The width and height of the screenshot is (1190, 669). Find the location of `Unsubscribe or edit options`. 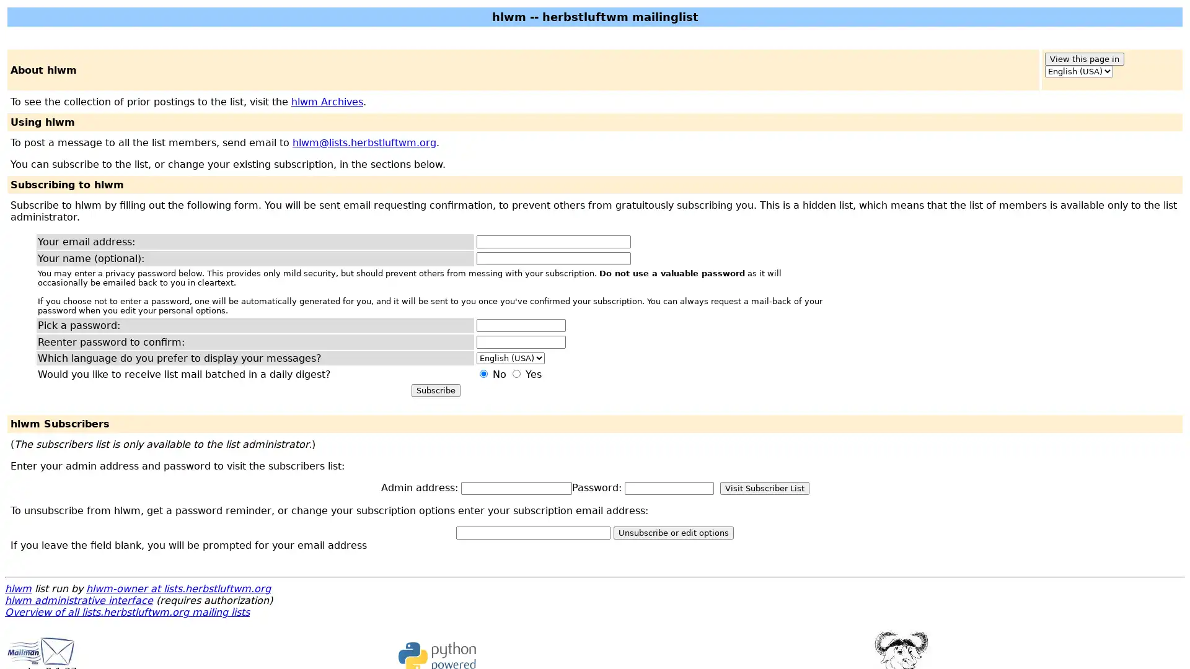

Unsubscribe or edit options is located at coordinates (672, 532).